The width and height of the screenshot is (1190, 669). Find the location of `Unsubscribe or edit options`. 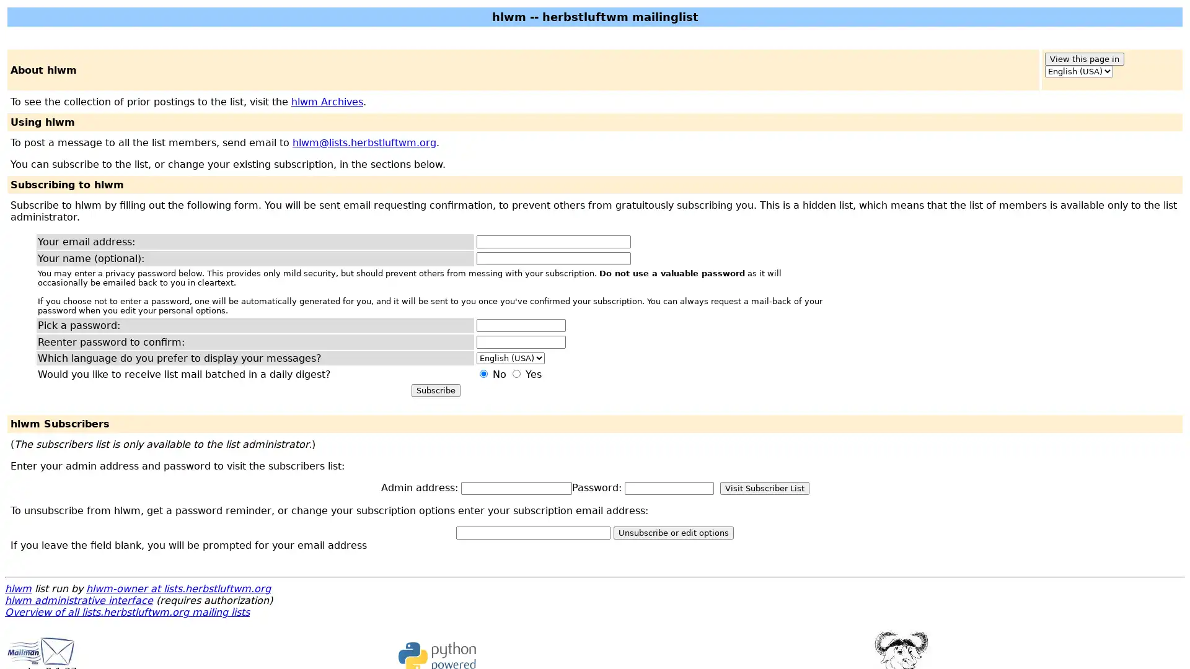

Unsubscribe or edit options is located at coordinates (672, 532).